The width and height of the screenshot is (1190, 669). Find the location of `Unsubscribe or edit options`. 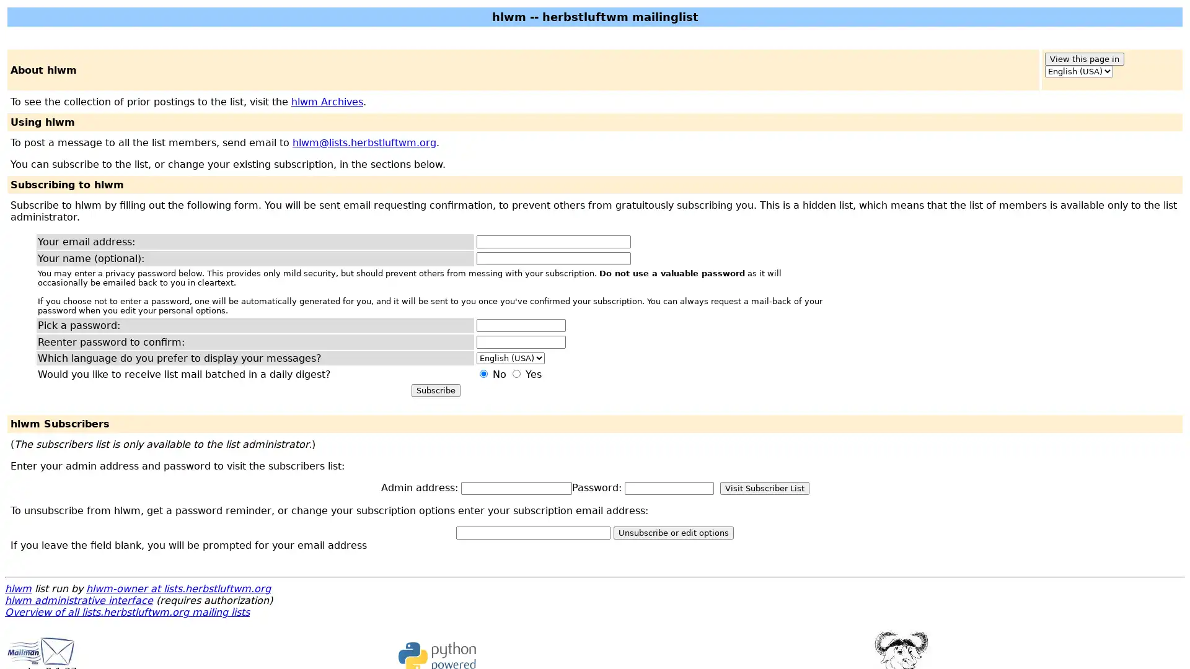

Unsubscribe or edit options is located at coordinates (672, 532).